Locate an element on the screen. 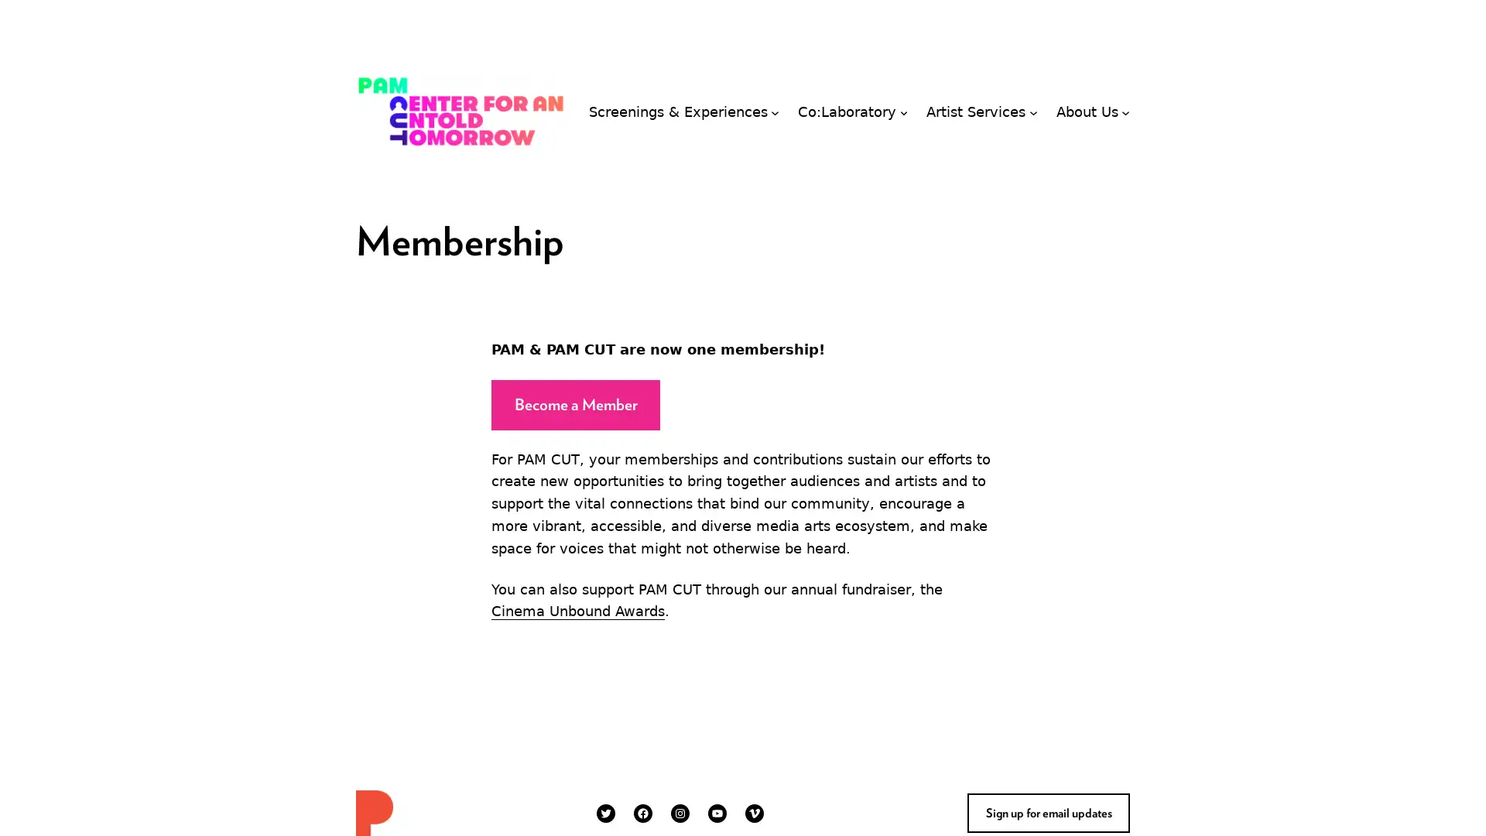 The image size is (1486, 836). Screenings & Experiences submenu is located at coordinates (775, 111).